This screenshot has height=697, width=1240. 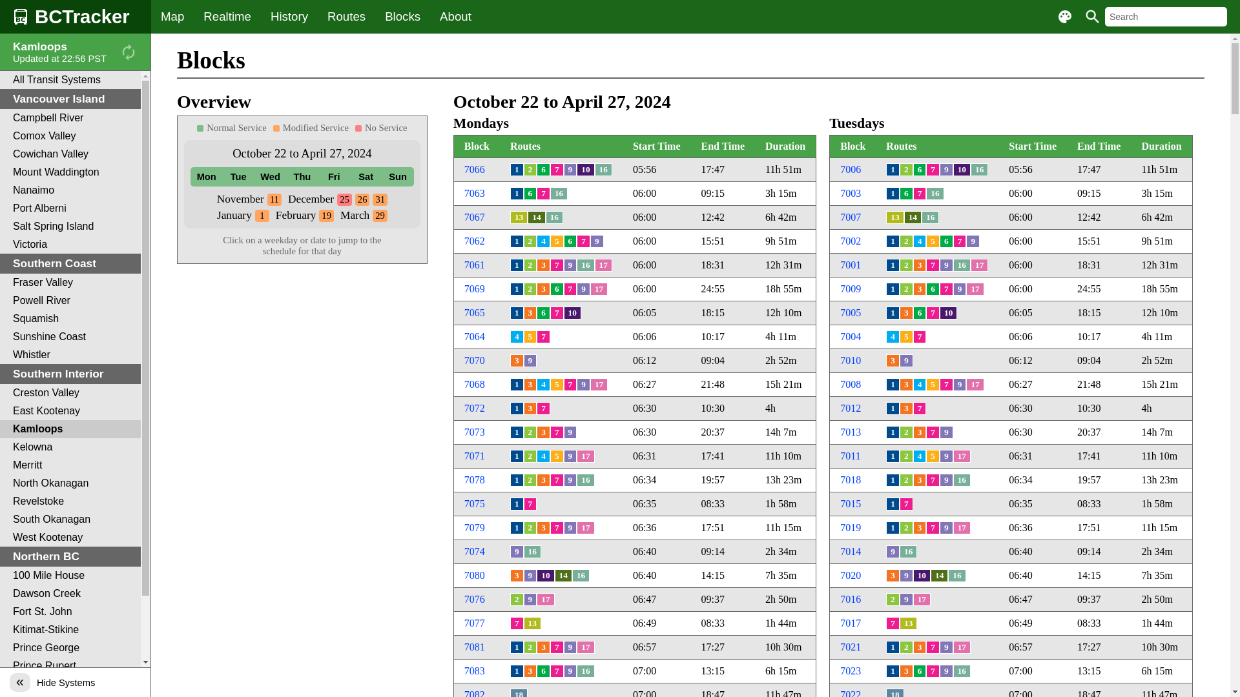 What do you see at coordinates (898, 527) in the screenshot?
I see `'2'` at bounding box center [898, 527].